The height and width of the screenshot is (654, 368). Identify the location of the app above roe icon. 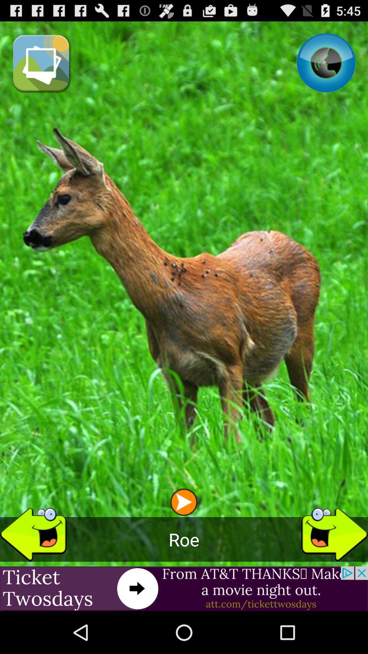
(183, 502).